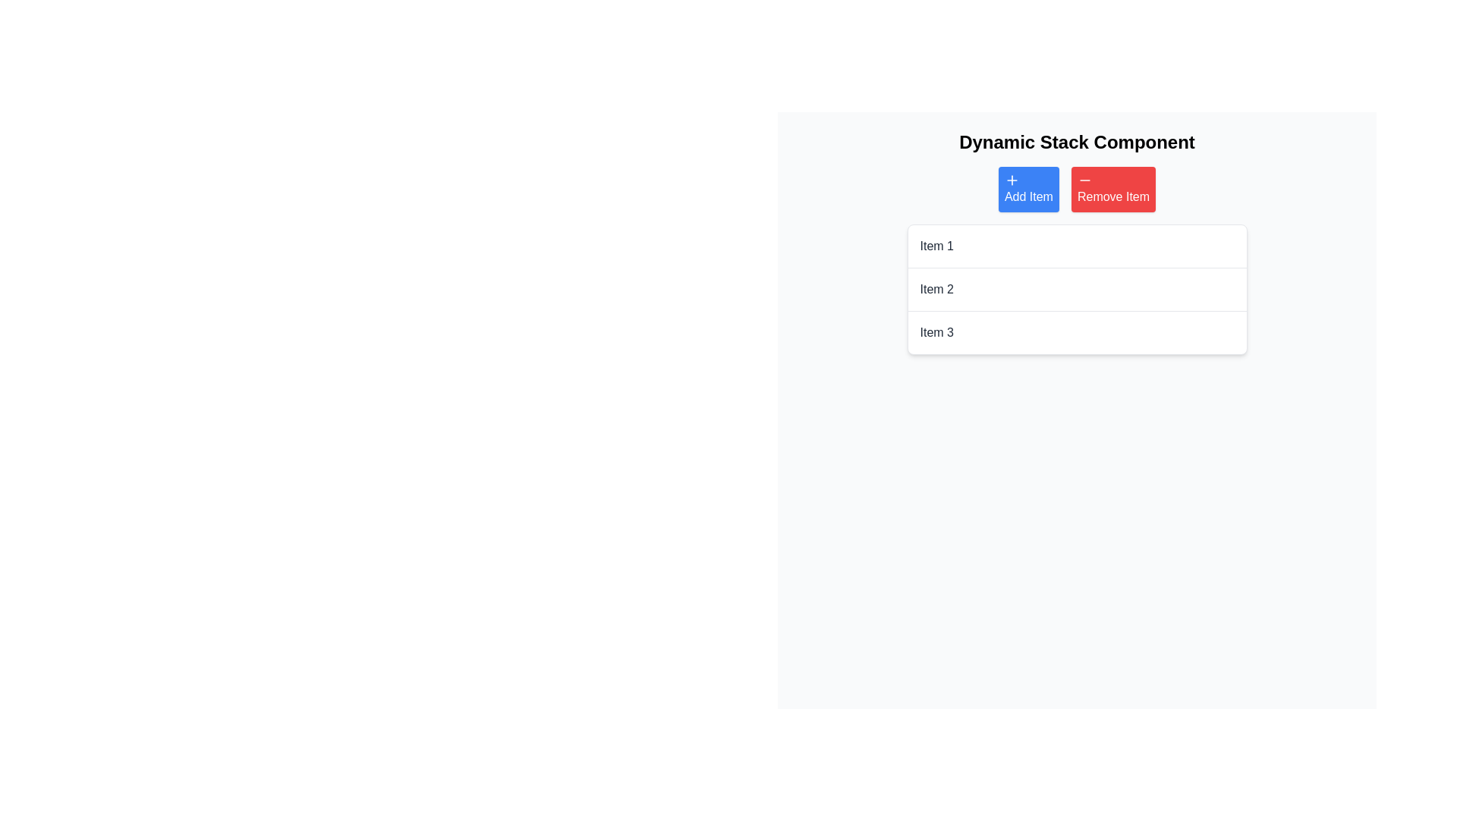  What do you see at coordinates (936, 289) in the screenshot?
I see `the text label displaying 'Item 2' in dark gray color, which is the second item in a vertically stacked list under 'Dynamic Stack Component'` at bounding box center [936, 289].